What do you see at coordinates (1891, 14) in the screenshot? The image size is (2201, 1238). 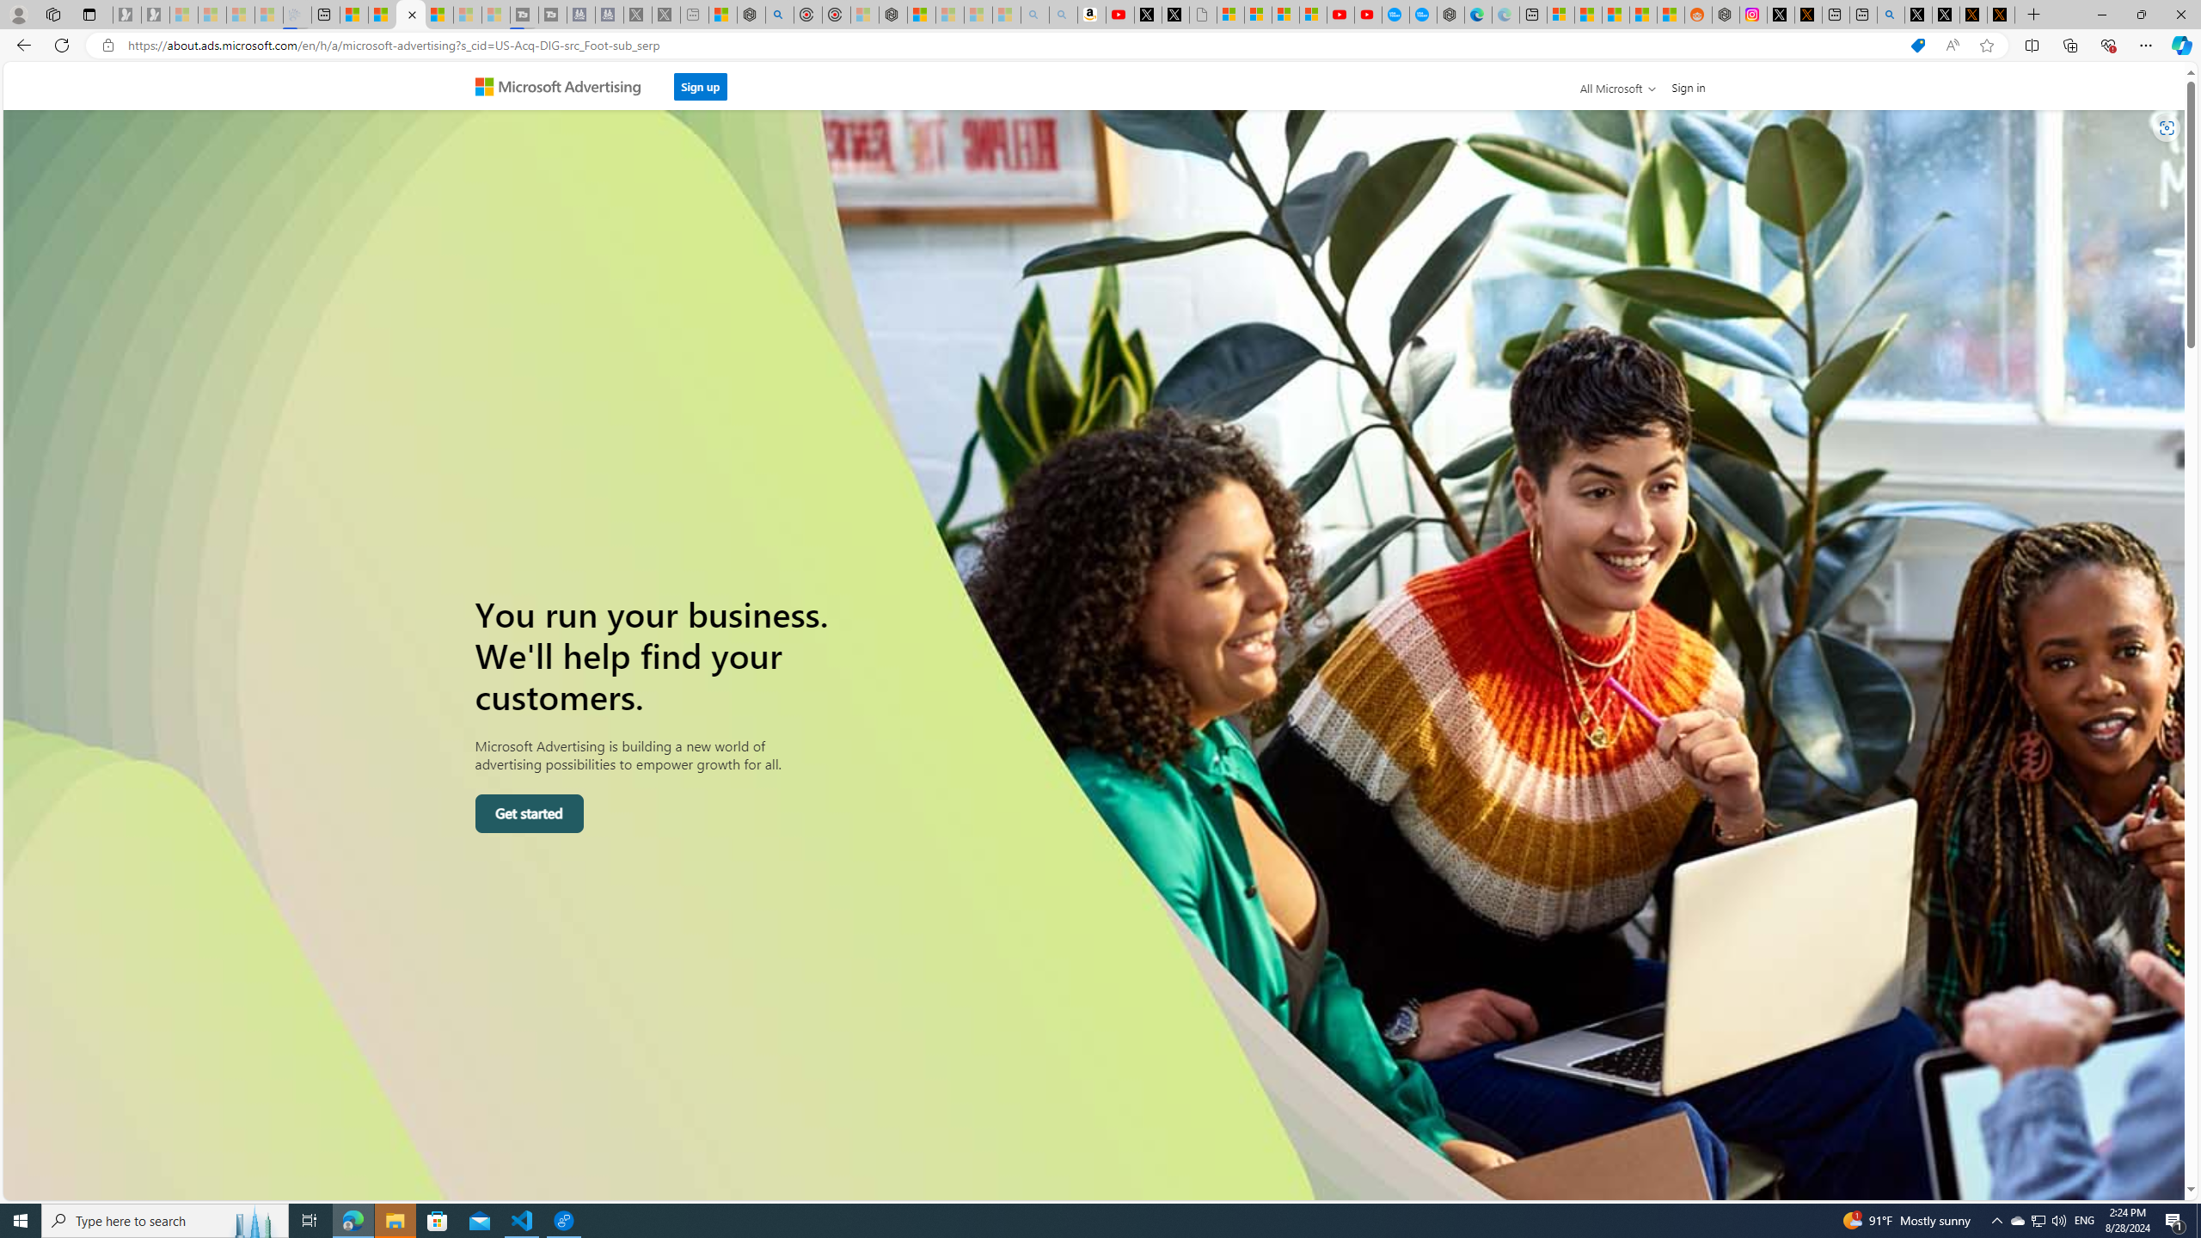 I see `'github - Search'` at bounding box center [1891, 14].